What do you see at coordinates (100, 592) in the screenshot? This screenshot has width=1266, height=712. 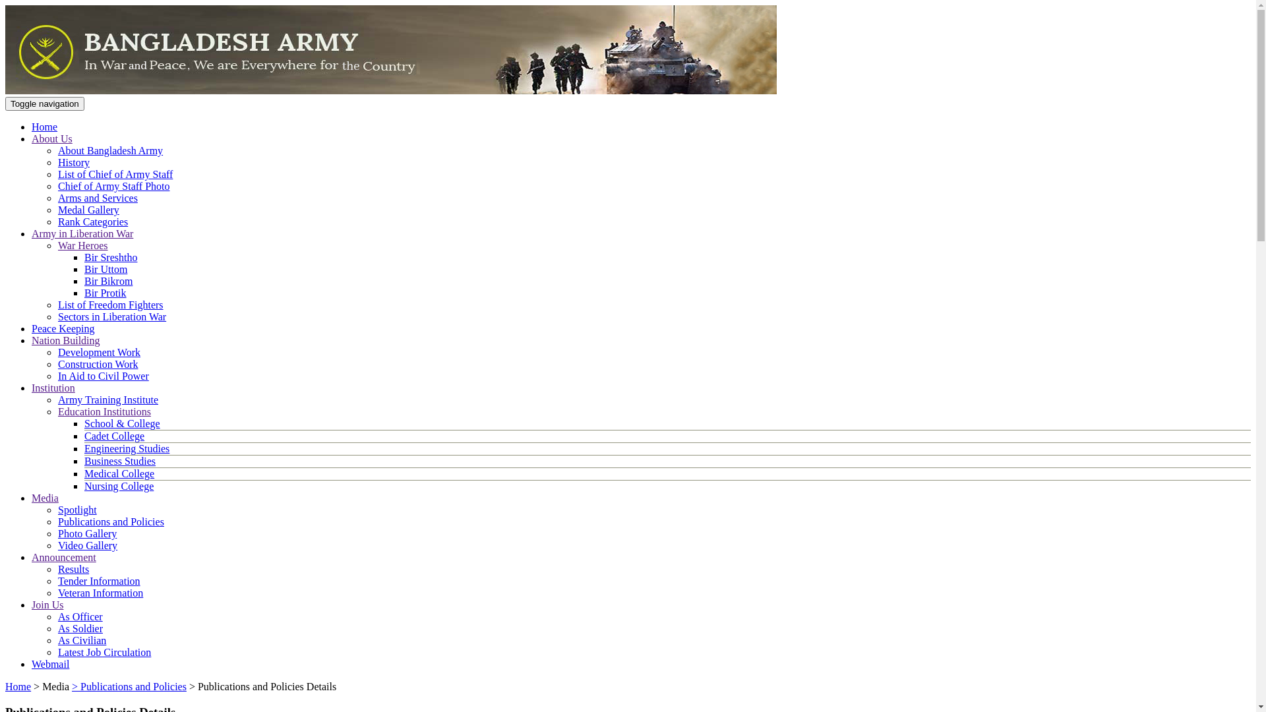 I see `'Veteran Information'` at bounding box center [100, 592].